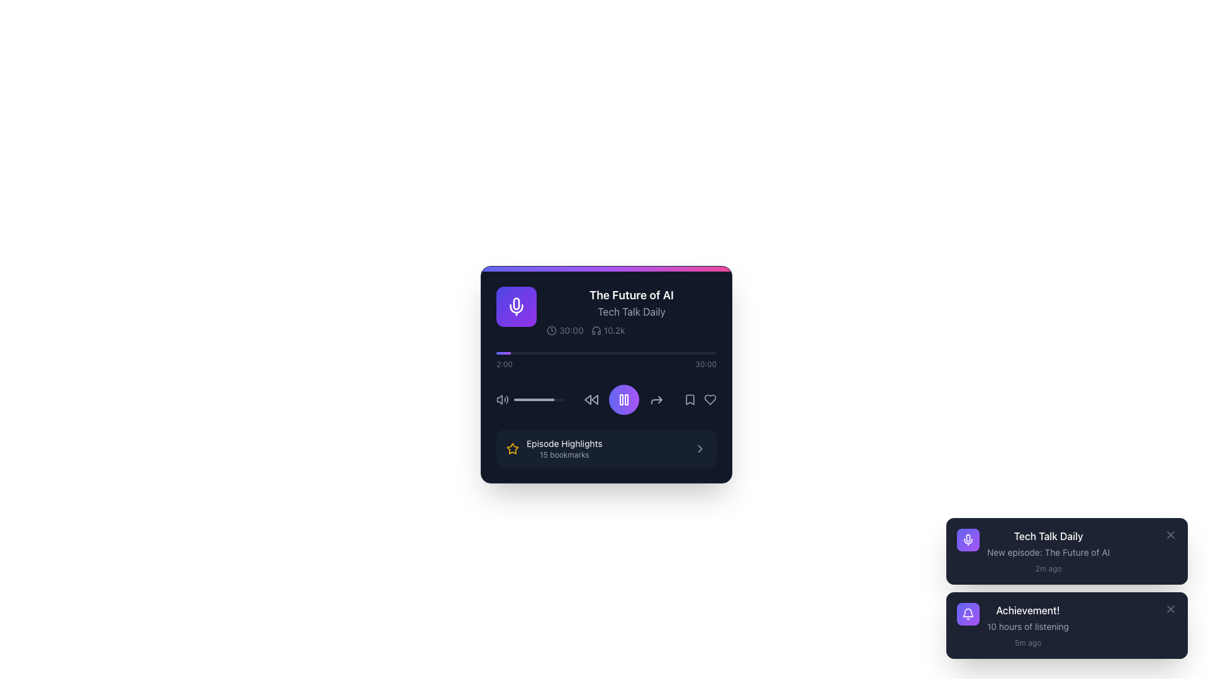  Describe the element at coordinates (607, 353) in the screenshot. I see `the horizontal progress bar with a dark-gray background and gradient-colored portion, located just below the title and above playback control buttons` at that location.